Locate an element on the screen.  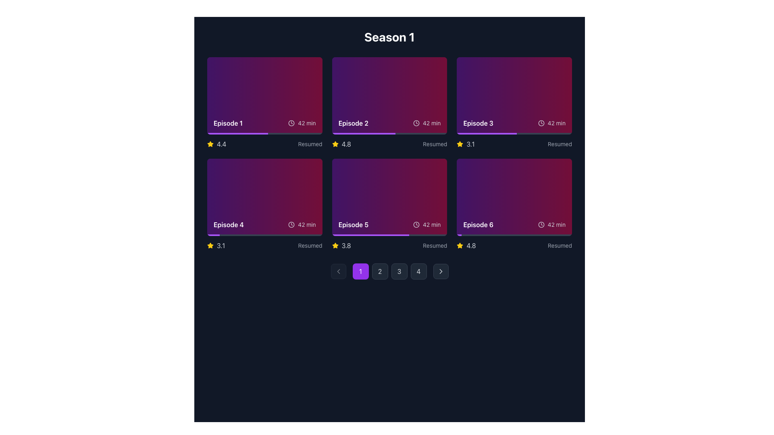
value displayed in the text rating indicator '3.8' located to the right of the yellow outlined star icon under the 'Episode 5' card in the season grid is located at coordinates (341, 245).